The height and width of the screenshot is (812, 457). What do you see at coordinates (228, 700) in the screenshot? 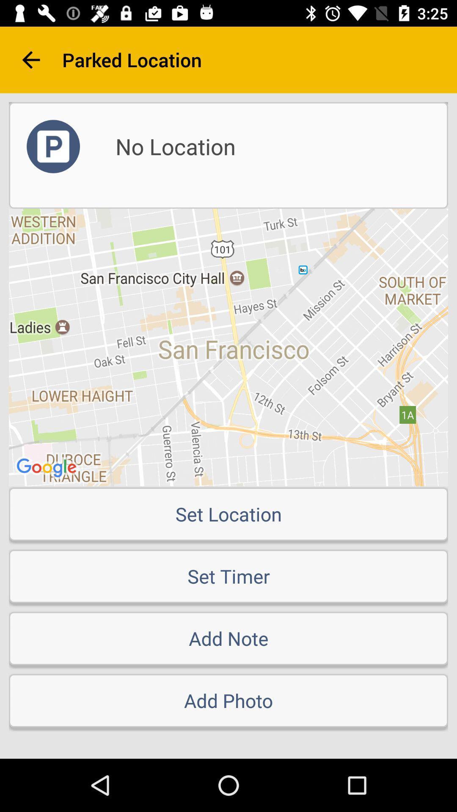
I see `the add photo item` at bounding box center [228, 700].